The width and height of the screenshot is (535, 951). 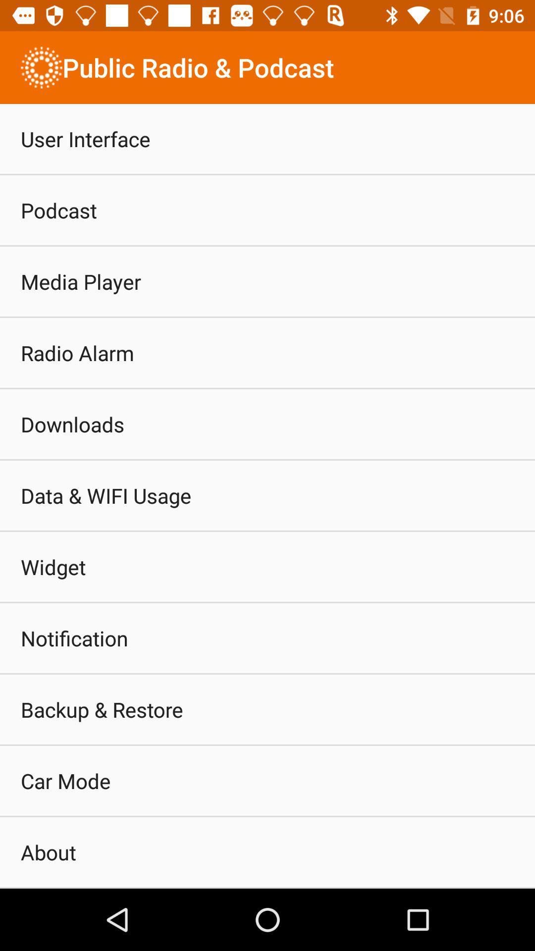 I want to click on item below widget item, so click(x=74, y=638).